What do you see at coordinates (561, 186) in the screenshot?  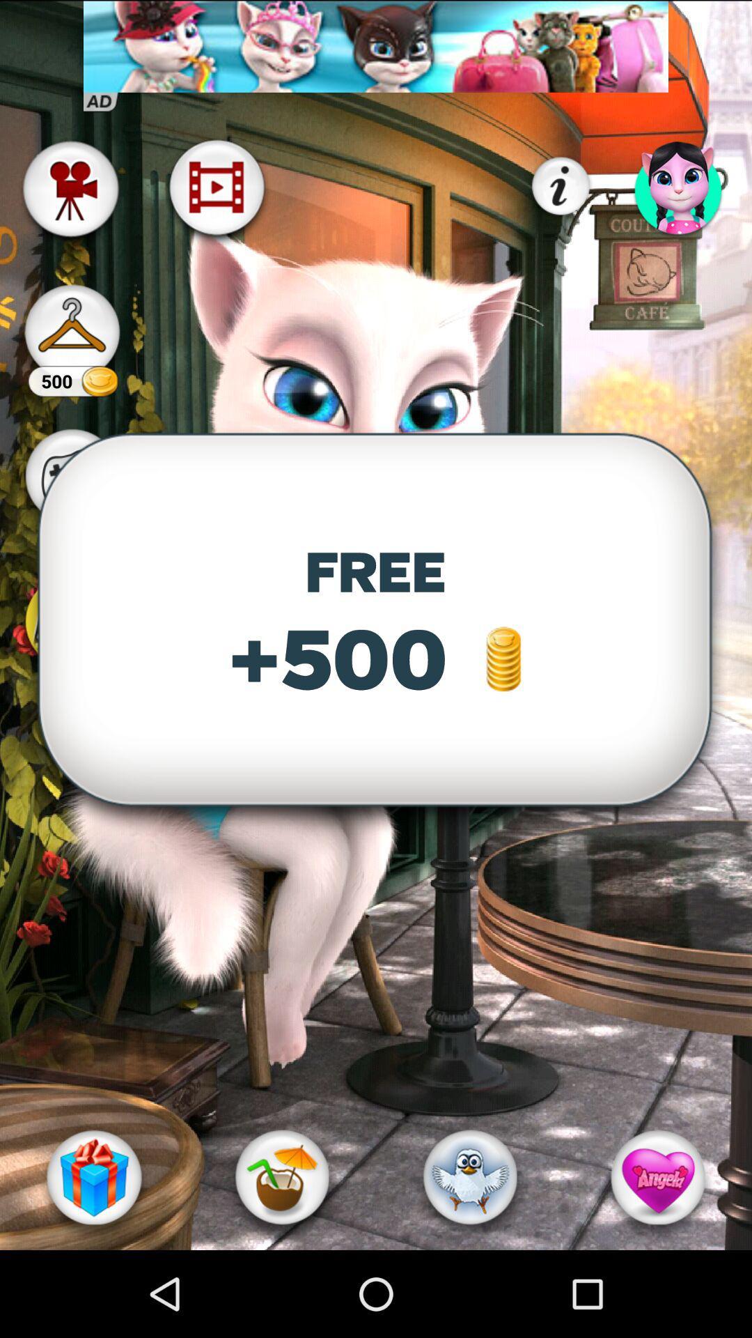 I see `the info icon` at bounding box center [561, 186].